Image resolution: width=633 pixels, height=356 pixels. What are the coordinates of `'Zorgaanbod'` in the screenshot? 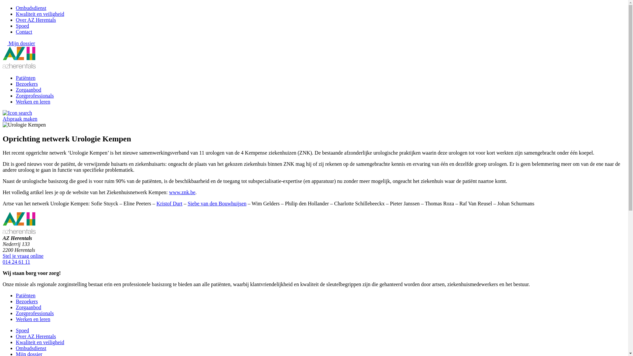 It's located at (28, 90).